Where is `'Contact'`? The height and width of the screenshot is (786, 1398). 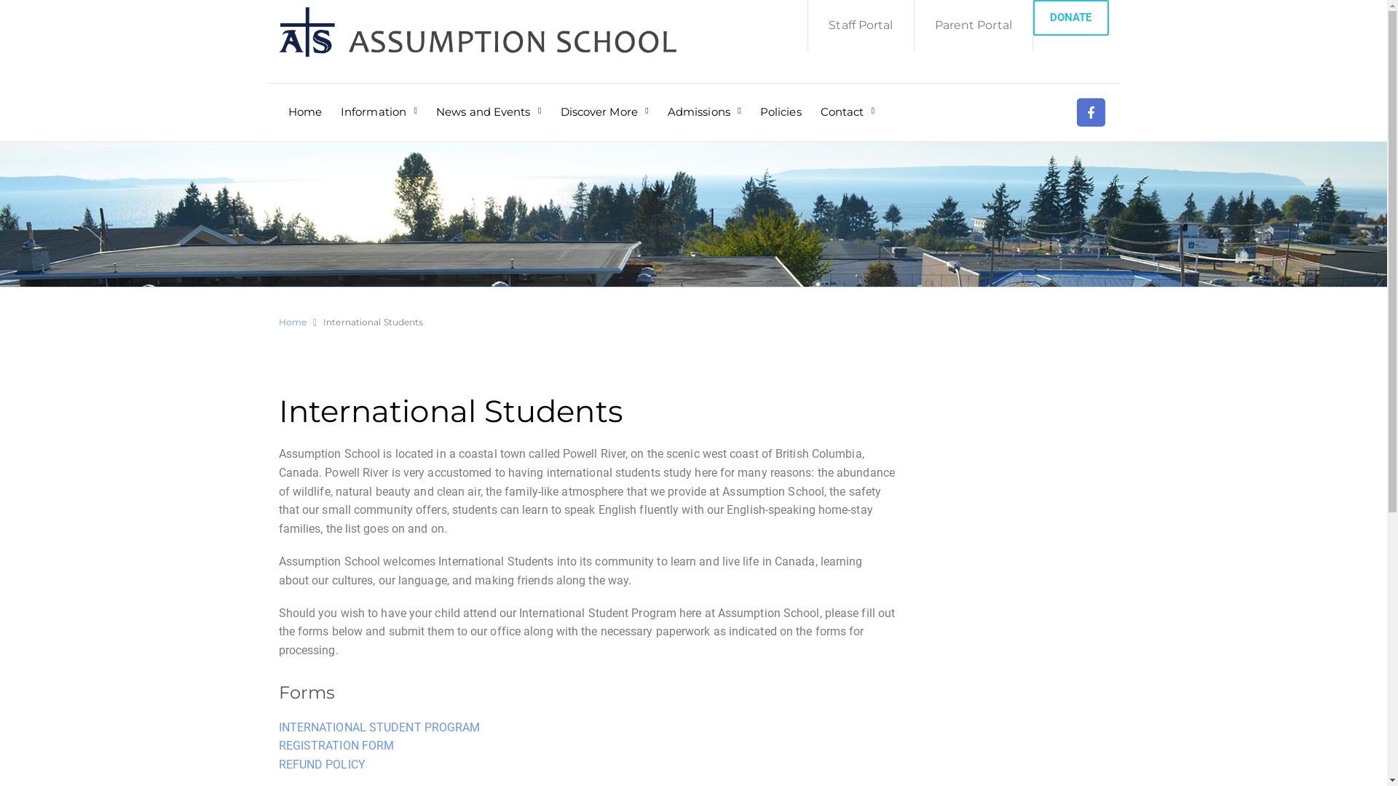 'Contact' is located at coordinates (821, 101).